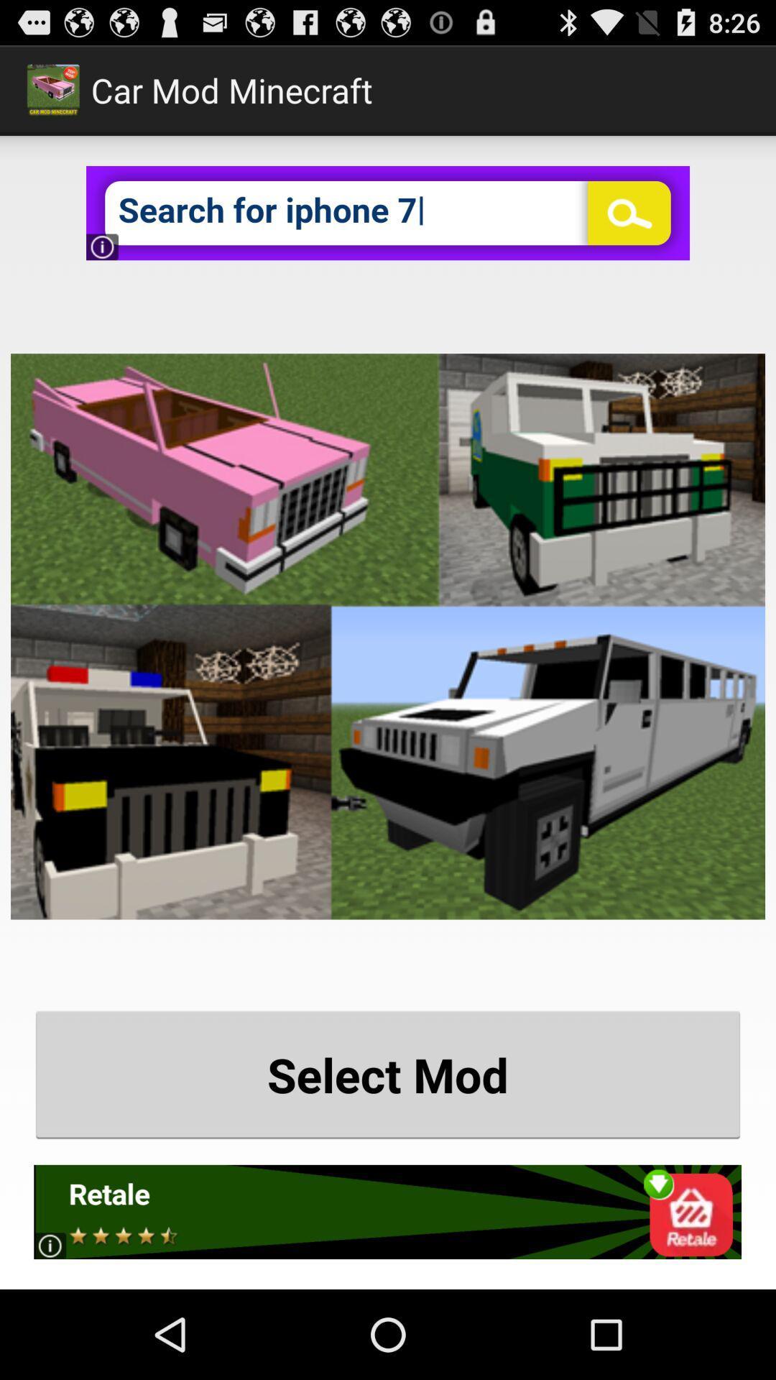 The width and height of the screenshot is (776, 1380). I want to click on the item at the top, so click(388, 212).